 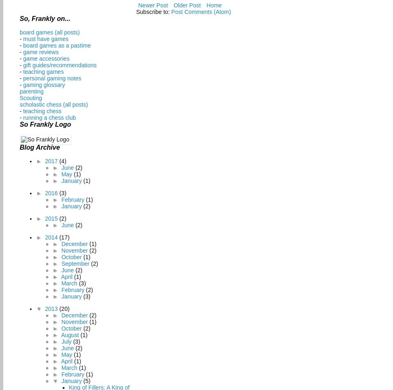 What do you see at coordinates (64, 237) in the screenshot?
I see `'(17)'` at bounding box center [64, 237].